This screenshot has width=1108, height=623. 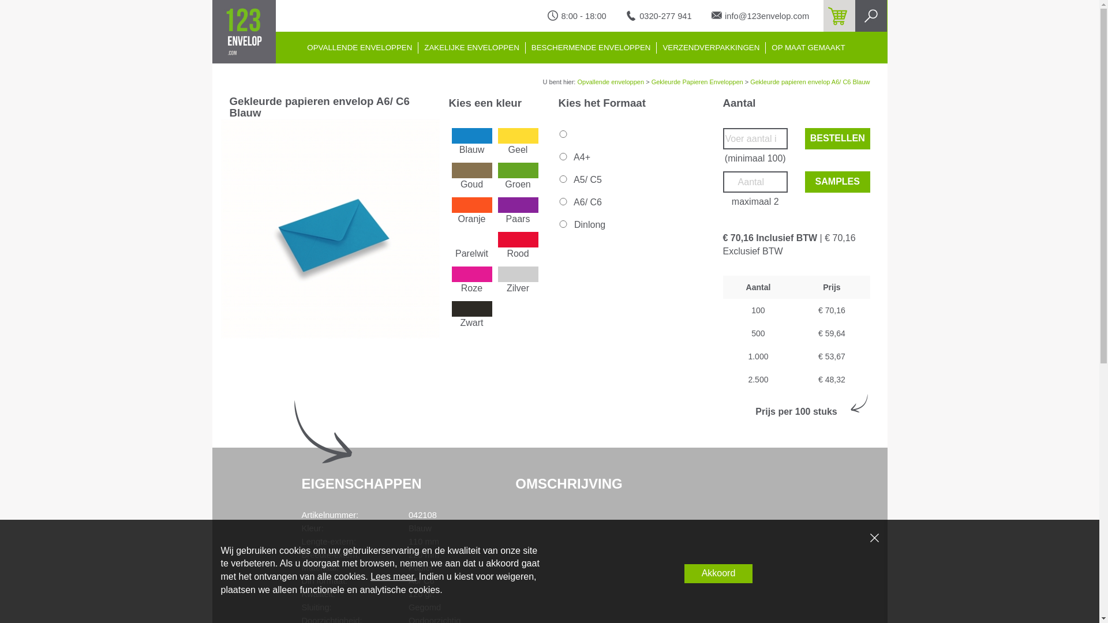 What do you see at coordinates (590, 47) in the screenshot?
I see `'BESCHERMENDE ENVELOPPEN'` at bounding box center [590, 47].